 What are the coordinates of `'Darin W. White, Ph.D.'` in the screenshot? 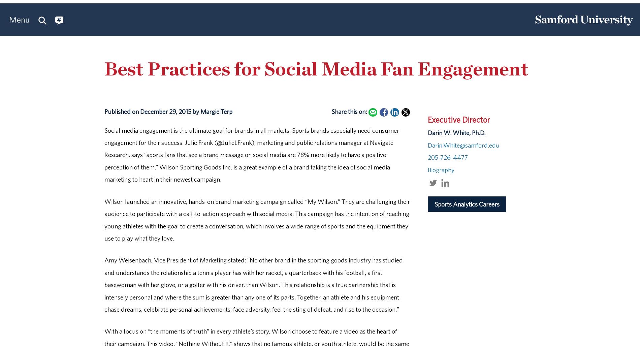 It's located at (427, 132).